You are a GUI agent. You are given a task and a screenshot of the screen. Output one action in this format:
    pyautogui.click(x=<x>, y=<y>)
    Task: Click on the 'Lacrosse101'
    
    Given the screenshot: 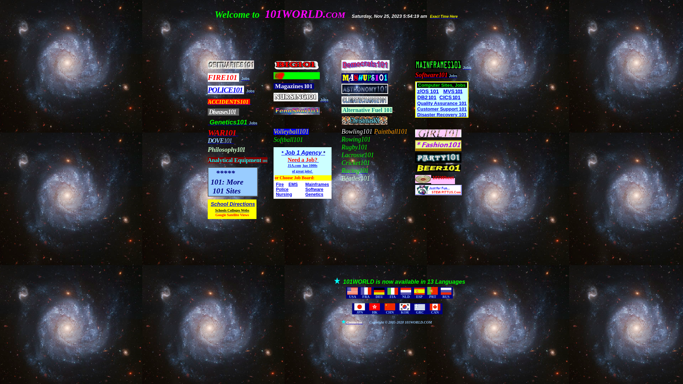 What is the action you would take?
    pyautogui.click(x=358, y=155)
    